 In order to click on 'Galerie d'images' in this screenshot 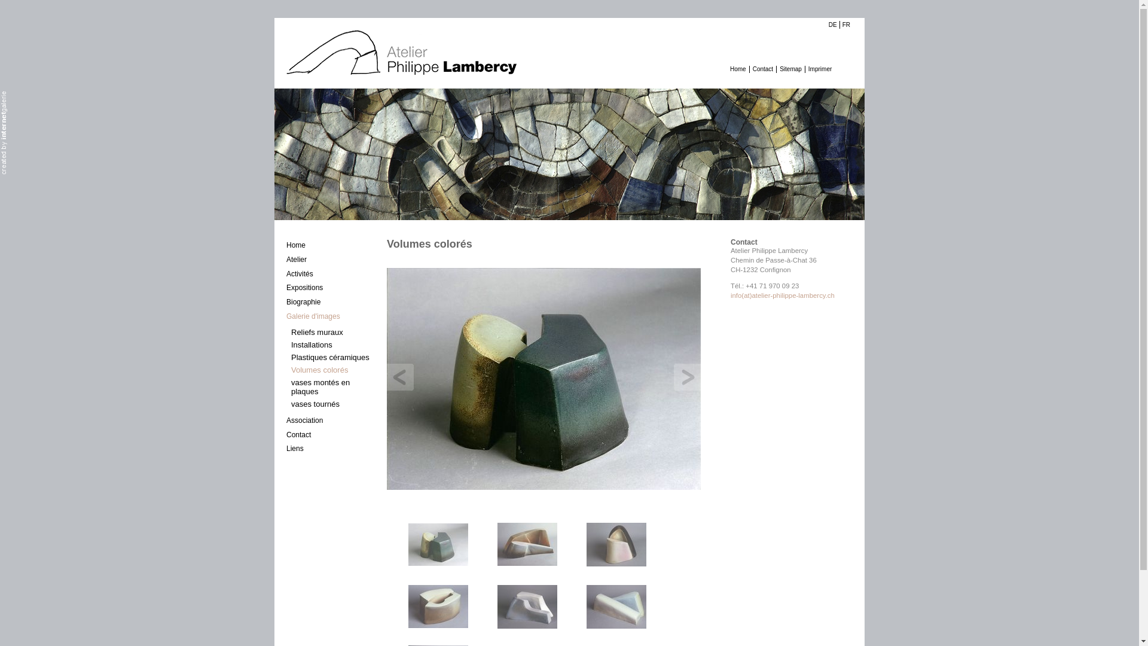, I will do `click(330, 315)`.